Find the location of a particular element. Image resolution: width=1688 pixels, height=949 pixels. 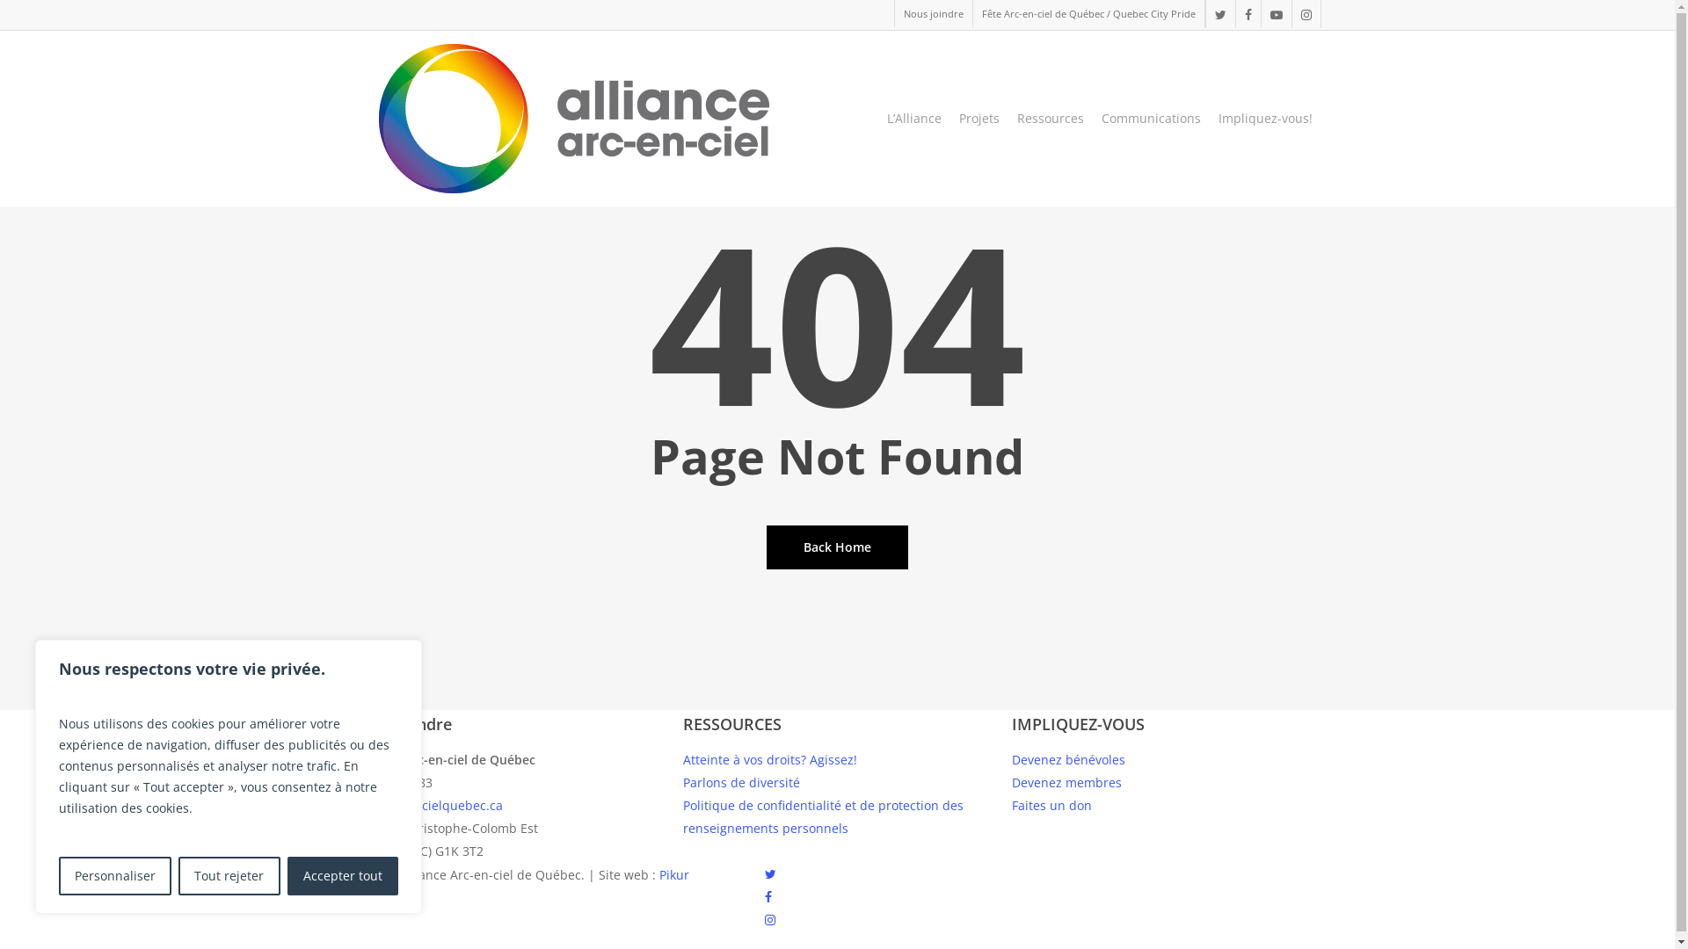

'Tout rejeter' is located at coordinates (178, 875).